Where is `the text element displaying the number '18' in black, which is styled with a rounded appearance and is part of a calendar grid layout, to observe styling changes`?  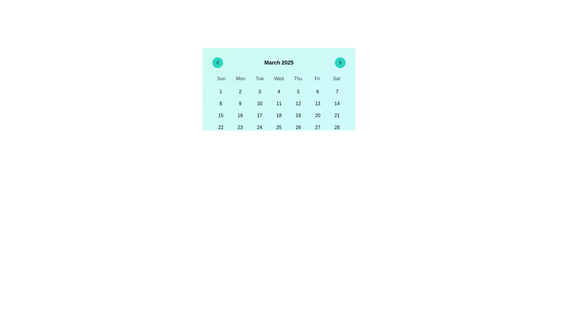 the text element displaying the number '18' in black, which is styled with a rounded appearance and is part of a calendar grid layout, to observe styling changes is located at coordinates (278, 116).